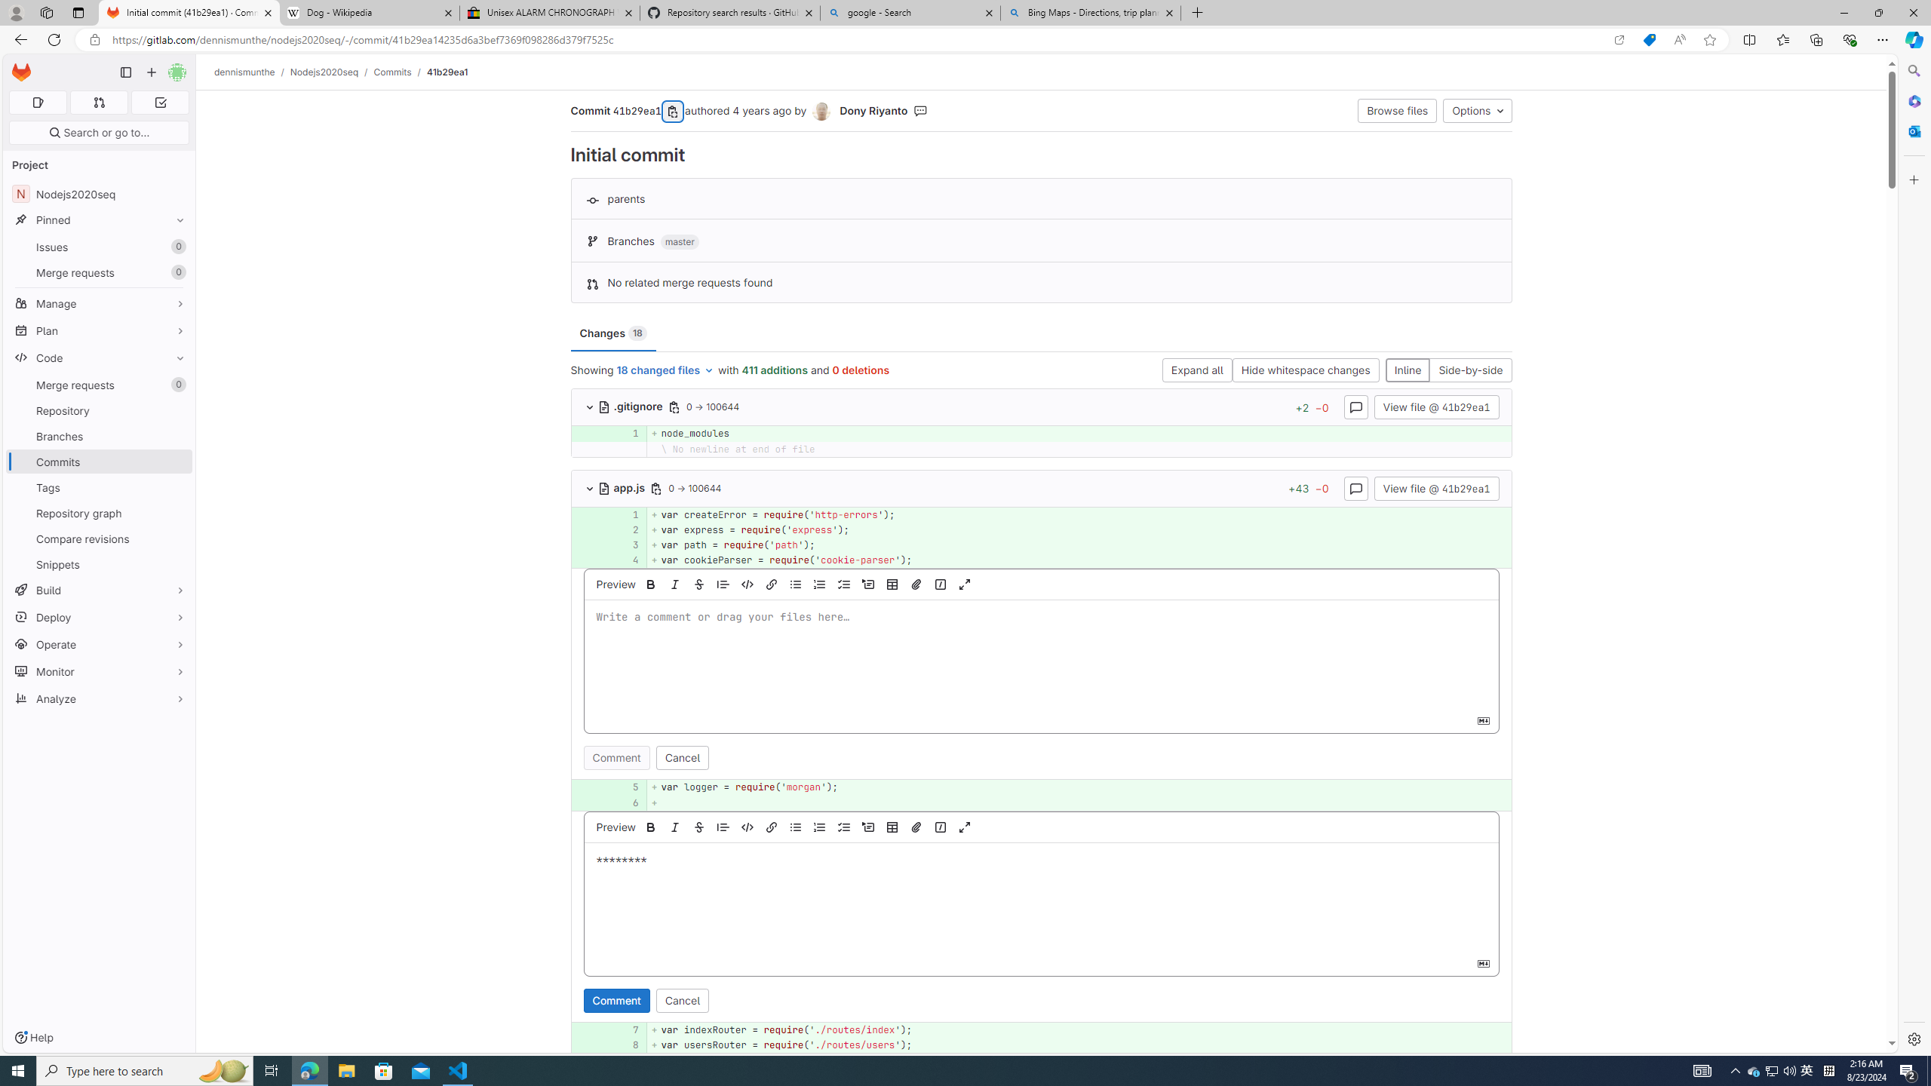  Describe the element at coordinates (176, 436) in the screenshot. I see `'Pin Branches'` at that location.